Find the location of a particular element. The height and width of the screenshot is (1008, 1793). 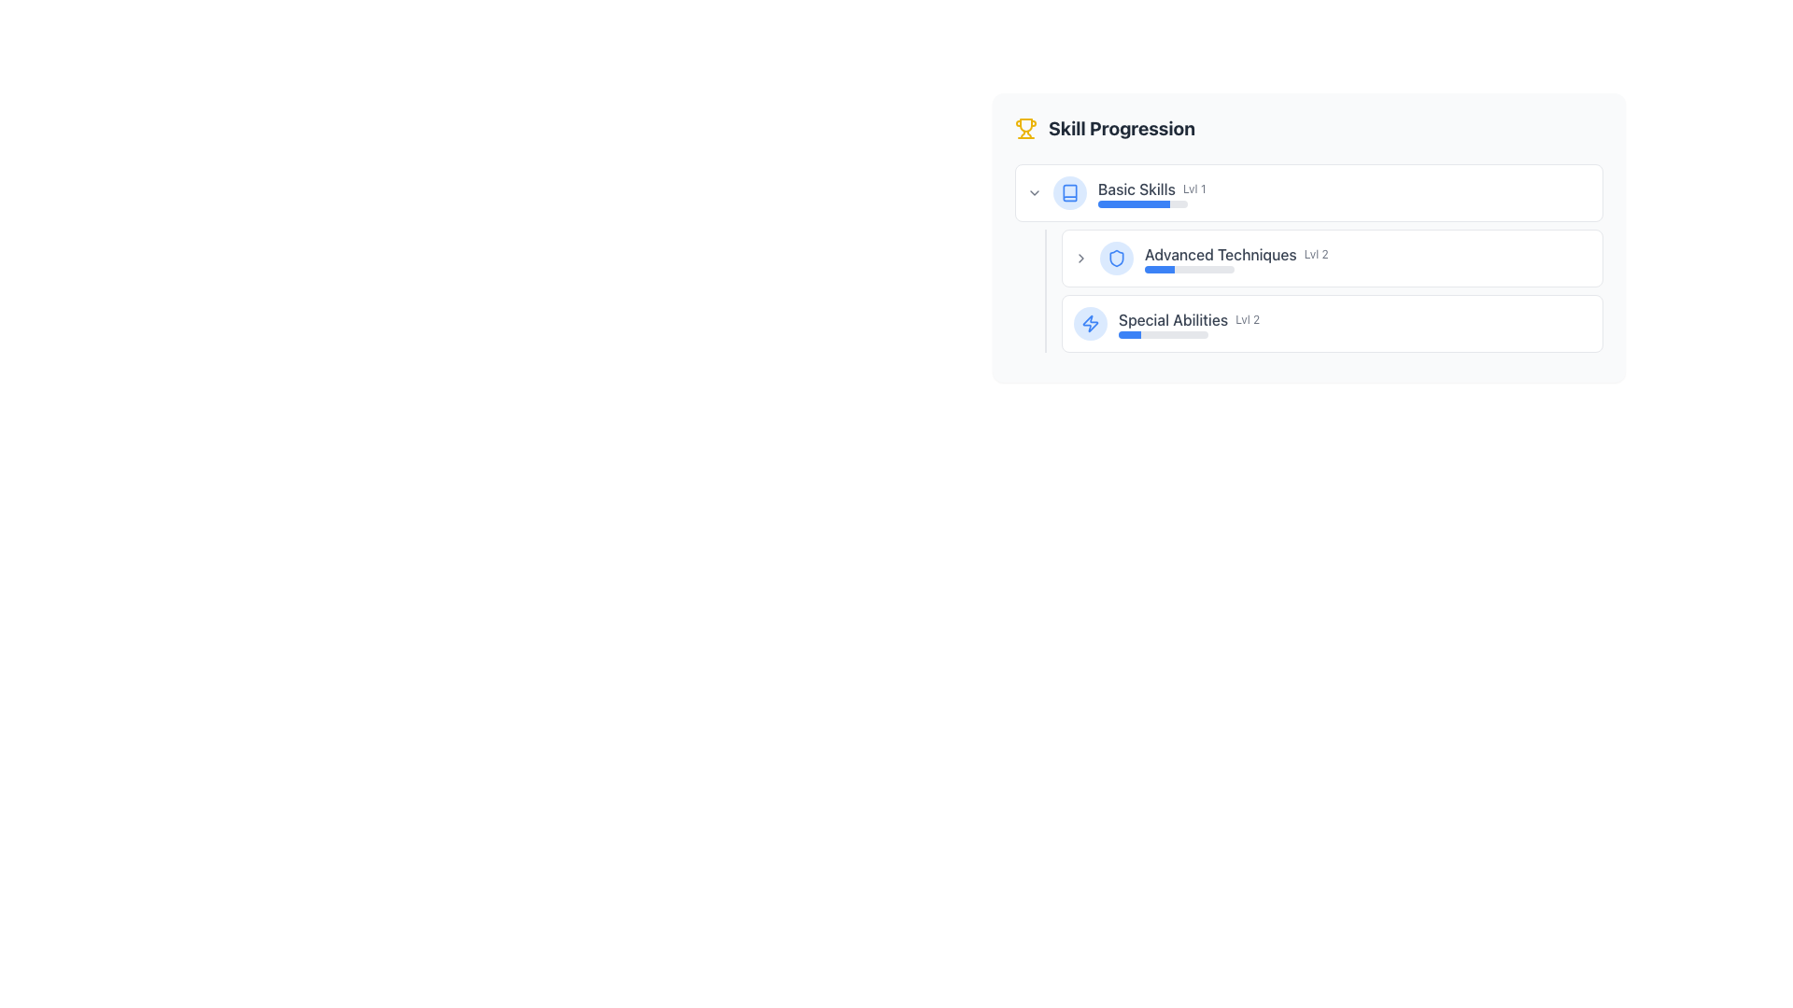

the Text label that identifies a specific skill or category, positioned beneath 'Basic Skills' and above 'Special Abilities', aligned horizontally with an icon to its left is located at coordinates (1221, 255).